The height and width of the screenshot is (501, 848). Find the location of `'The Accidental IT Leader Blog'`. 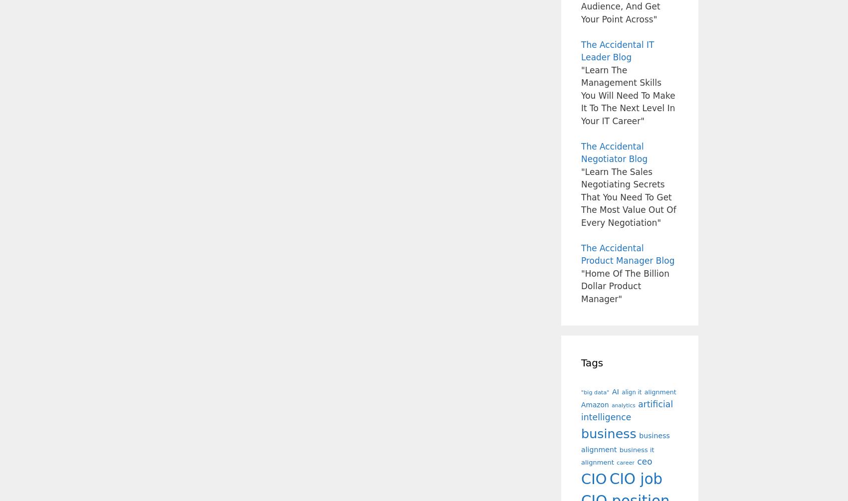

'The Accidental IT Leader Blog' is located at coordinates (617, 51).